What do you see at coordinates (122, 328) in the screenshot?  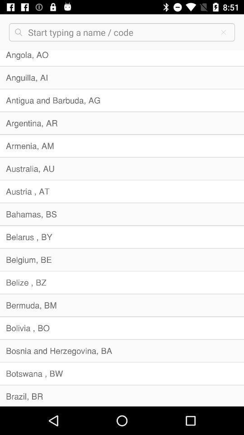 I see `icon below bermuda, bm` at bounding box center [122, 328].